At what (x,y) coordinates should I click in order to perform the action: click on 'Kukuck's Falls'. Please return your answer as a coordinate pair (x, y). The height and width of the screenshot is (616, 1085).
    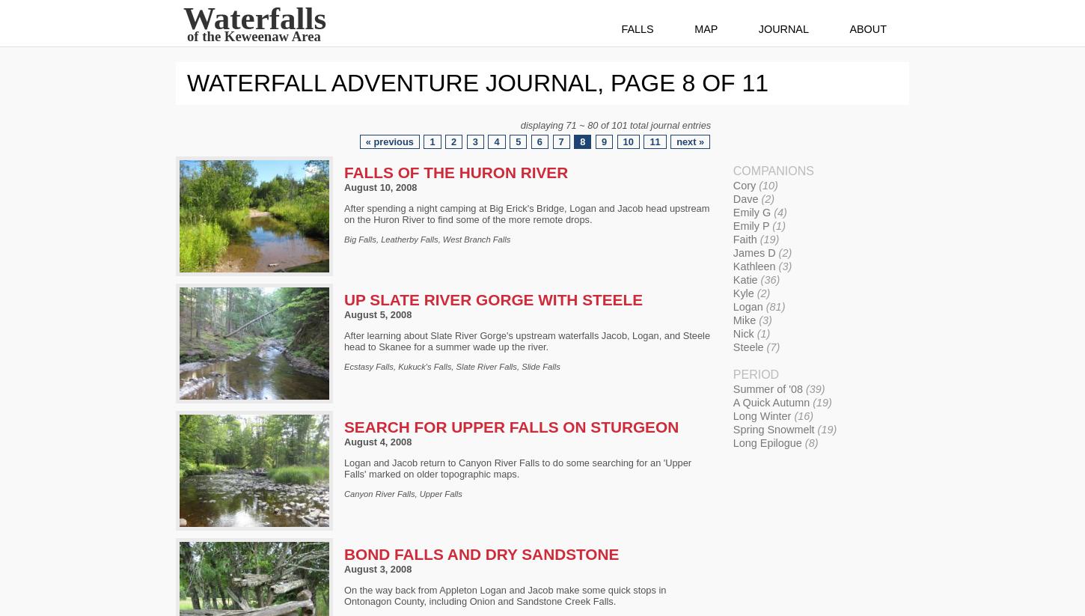
    Looking at the image, I should click on (424, 366).